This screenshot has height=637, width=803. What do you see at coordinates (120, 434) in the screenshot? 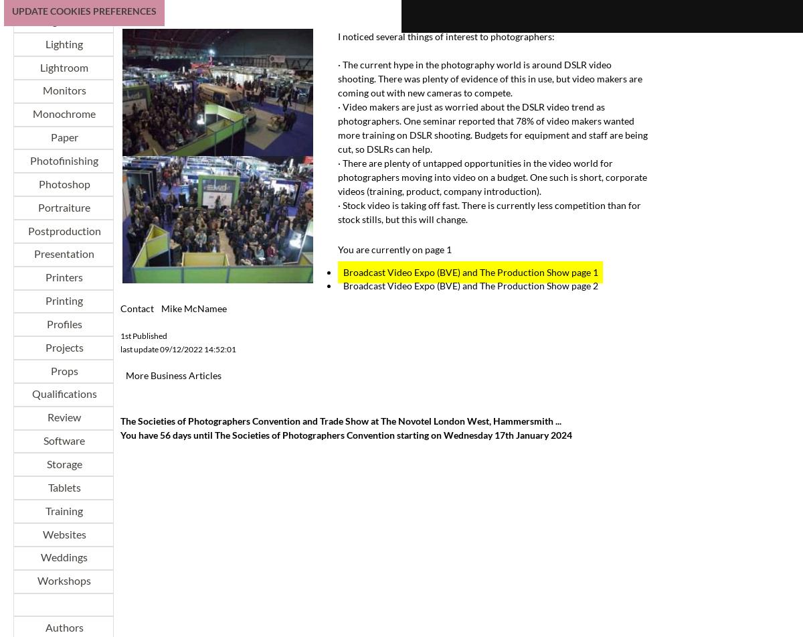
I see `'You have  56 days until The Societies of Photographers Convention starting on   Wednesday 17th January 2024'` at bounding box center [120, 434].